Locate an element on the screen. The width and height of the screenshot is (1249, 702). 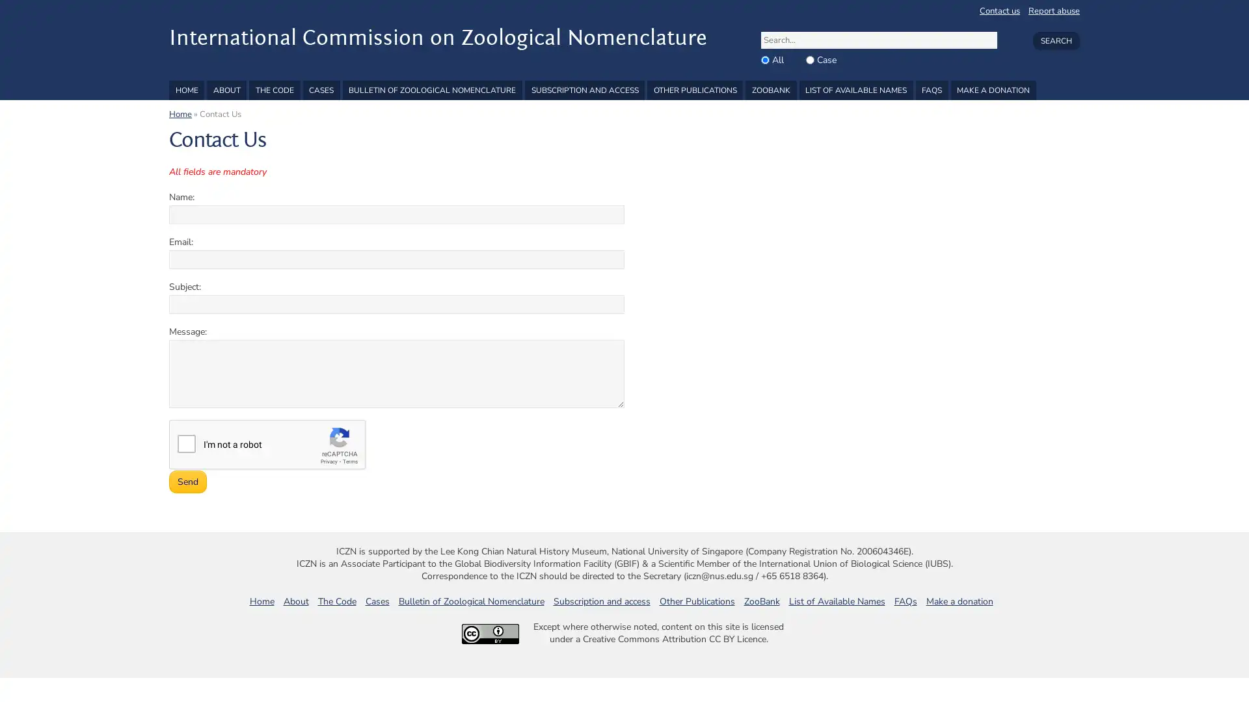
Search is located at coordinates (1055, 40).